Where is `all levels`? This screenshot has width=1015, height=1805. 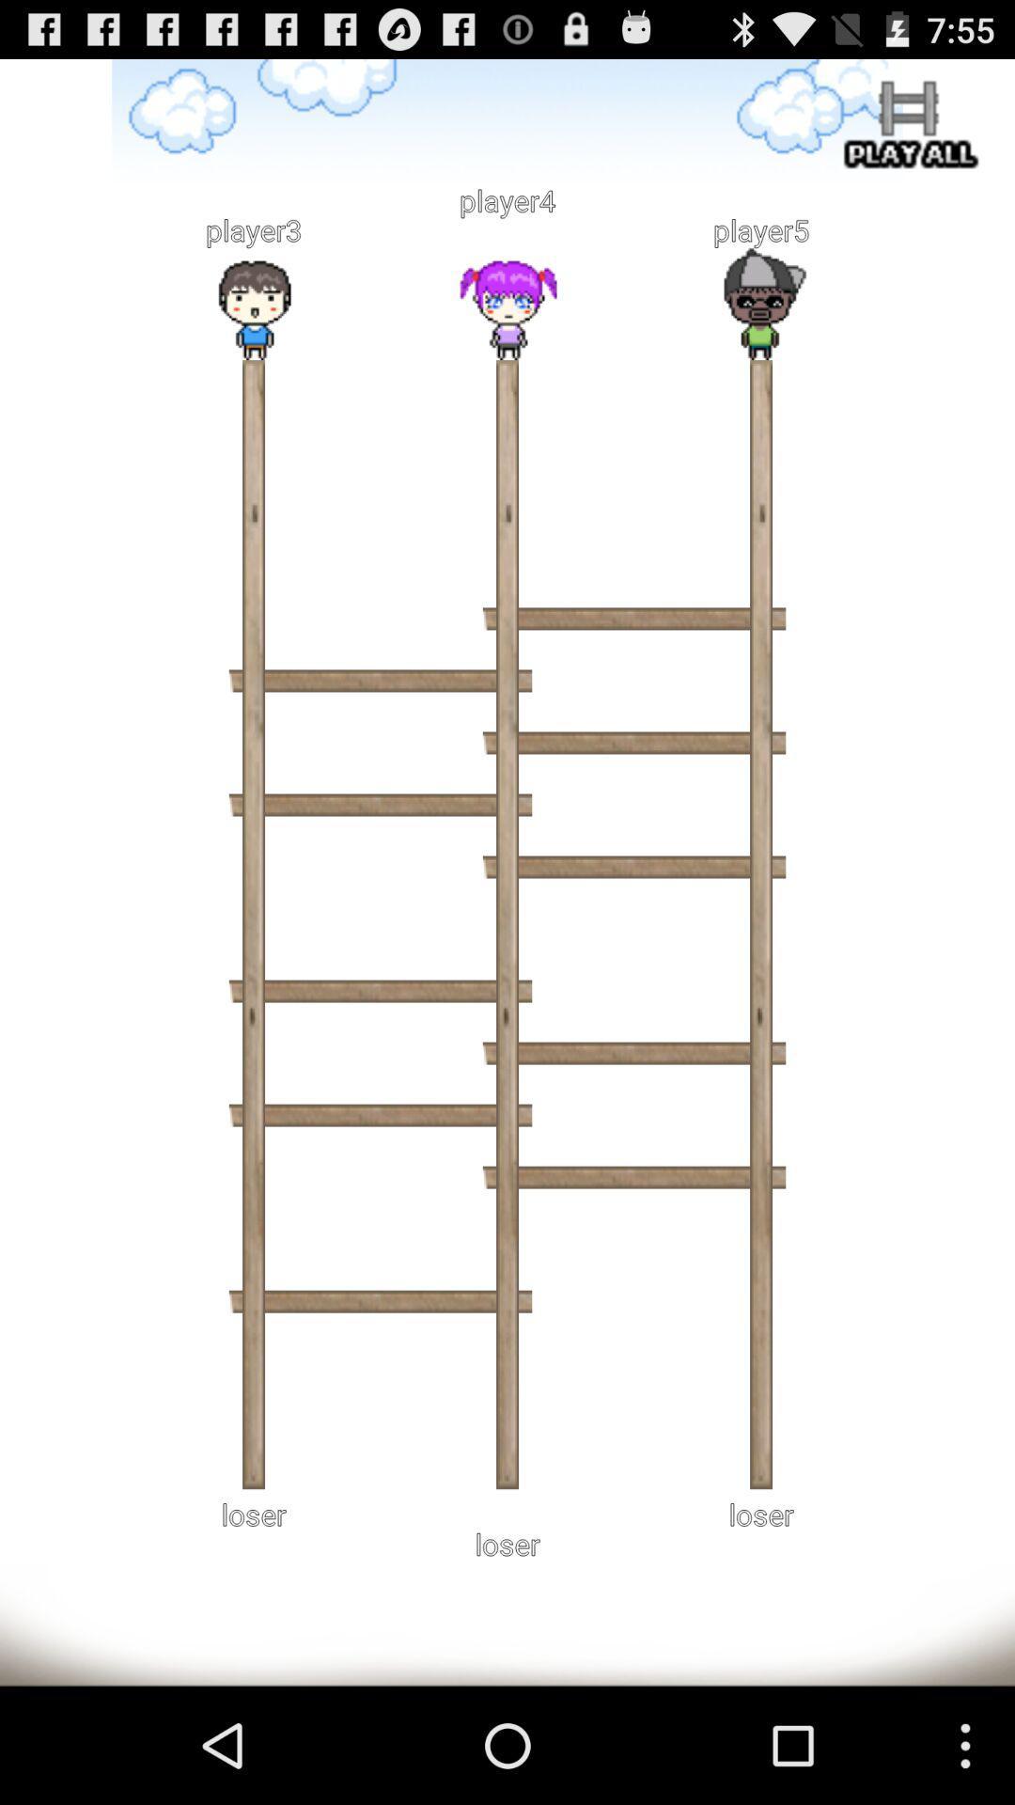 all levels is located at coordinates (906, 127).